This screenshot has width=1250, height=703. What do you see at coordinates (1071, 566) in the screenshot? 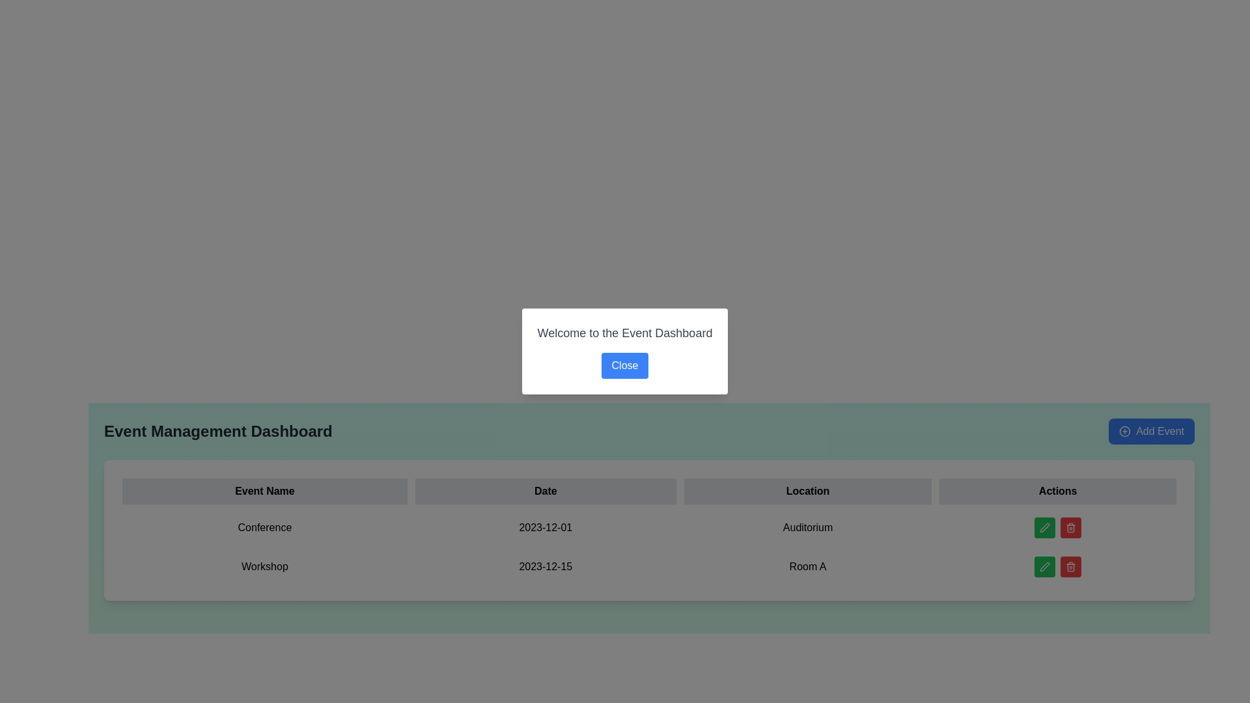
I see `the red button with rounded edges and a trash bin icon located in the 'Actions' column of the second row of the event entry table` at bounding box center [1071, 566].